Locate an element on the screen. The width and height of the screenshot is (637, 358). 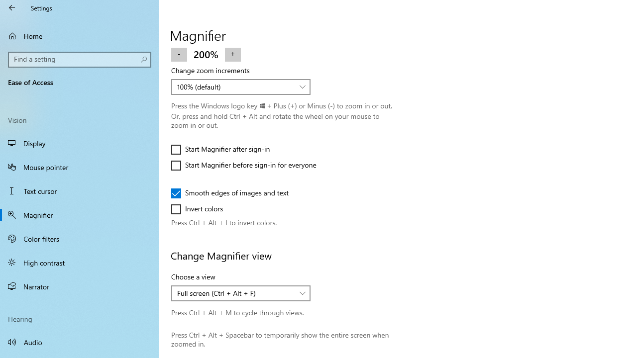
'Audio' is located at coordinates (80, 341).